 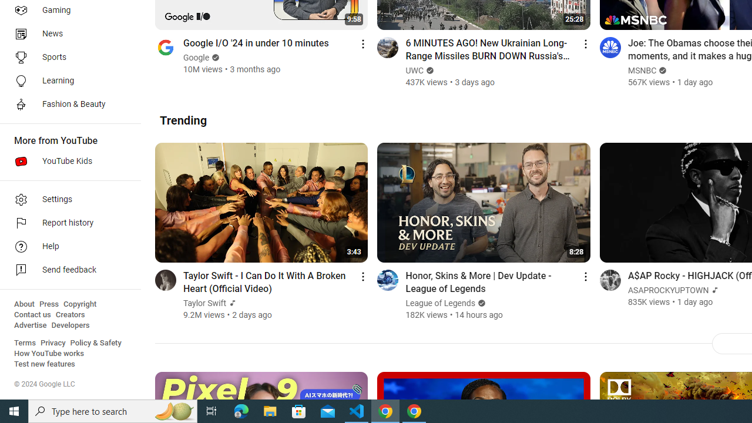 I want to click on 'Contact us', so click(x=32, y=314).